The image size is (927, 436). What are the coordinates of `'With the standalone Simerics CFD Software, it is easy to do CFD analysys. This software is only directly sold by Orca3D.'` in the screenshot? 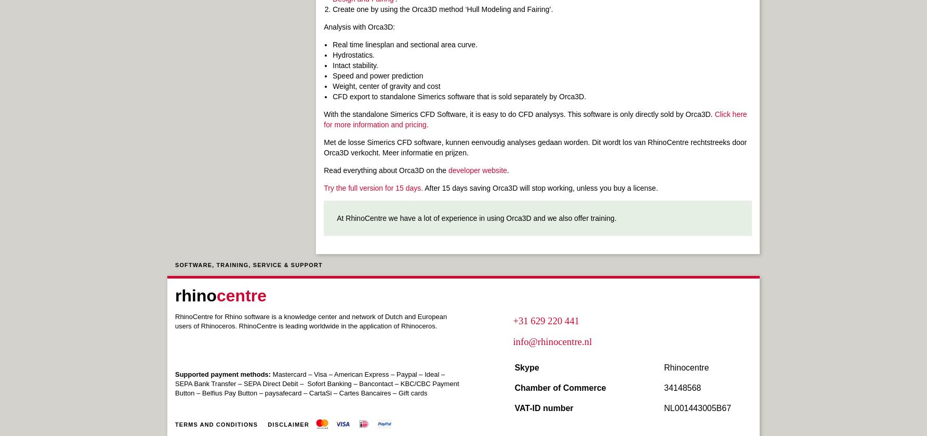 It's located at (519, 114).